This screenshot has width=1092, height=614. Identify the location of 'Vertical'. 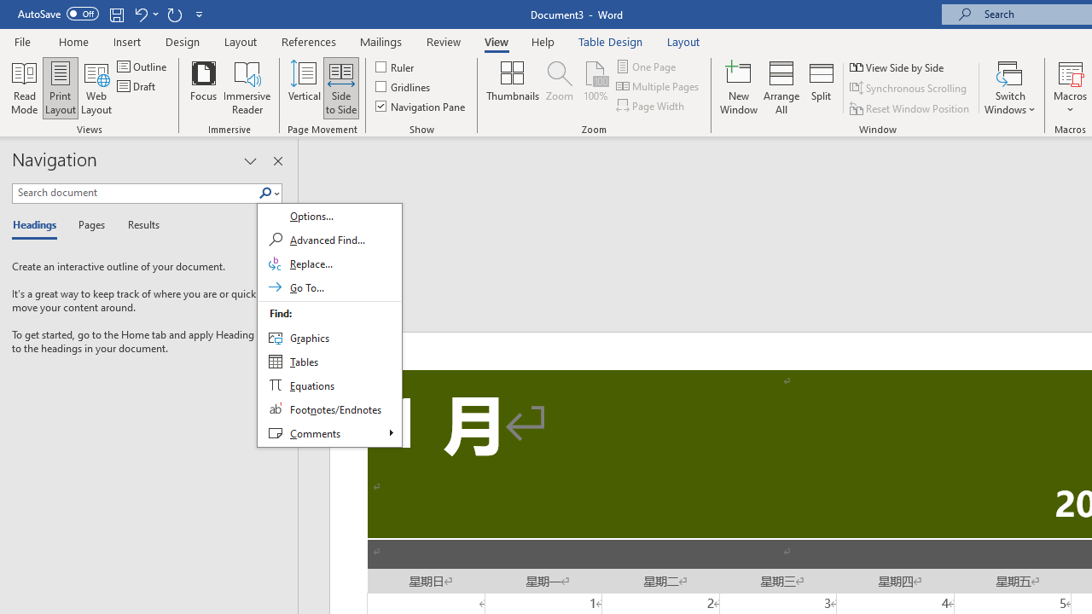
(305, 88).